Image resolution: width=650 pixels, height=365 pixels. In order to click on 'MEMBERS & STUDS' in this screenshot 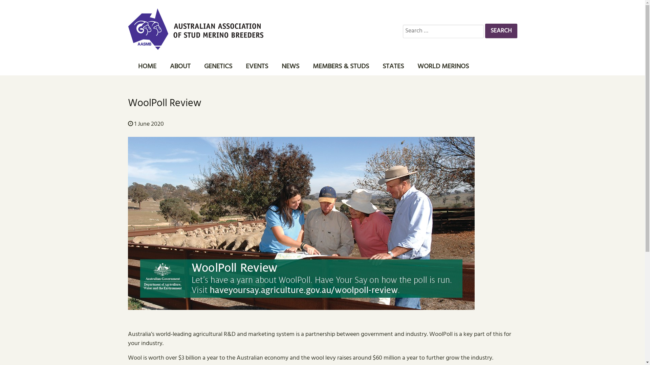, I will do `click(341, 66)`.